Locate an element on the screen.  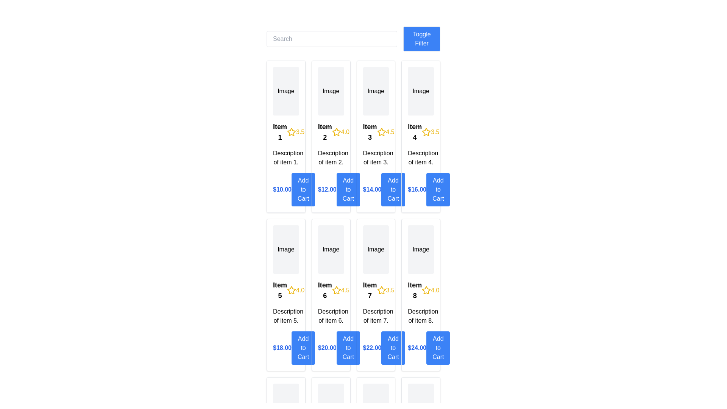
the star icon representing the rating of 'Item 7' located to the left of the text '3.5' in the second row, third column of the item card is located at coordinates (381, 290).